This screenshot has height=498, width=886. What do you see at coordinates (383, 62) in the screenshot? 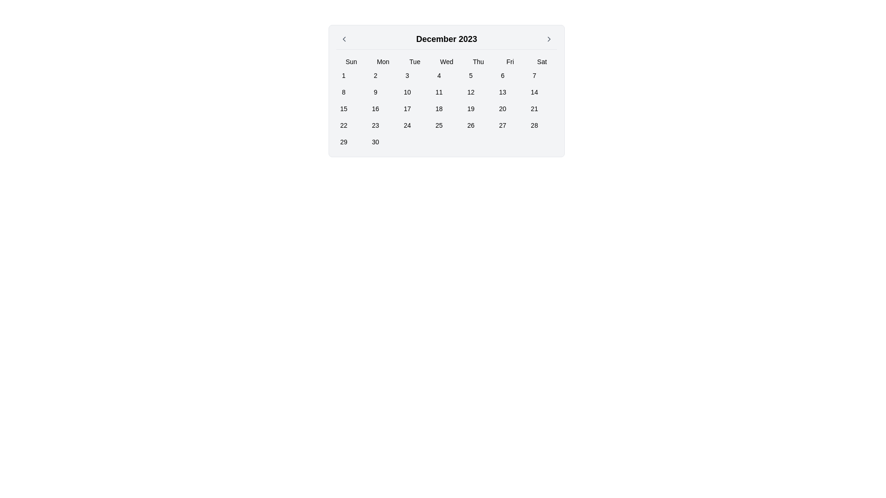
I see `the text label displaying 'Mon', which is the second column in the weekly row header of the calendar layout` at bounding box center [383, 62].